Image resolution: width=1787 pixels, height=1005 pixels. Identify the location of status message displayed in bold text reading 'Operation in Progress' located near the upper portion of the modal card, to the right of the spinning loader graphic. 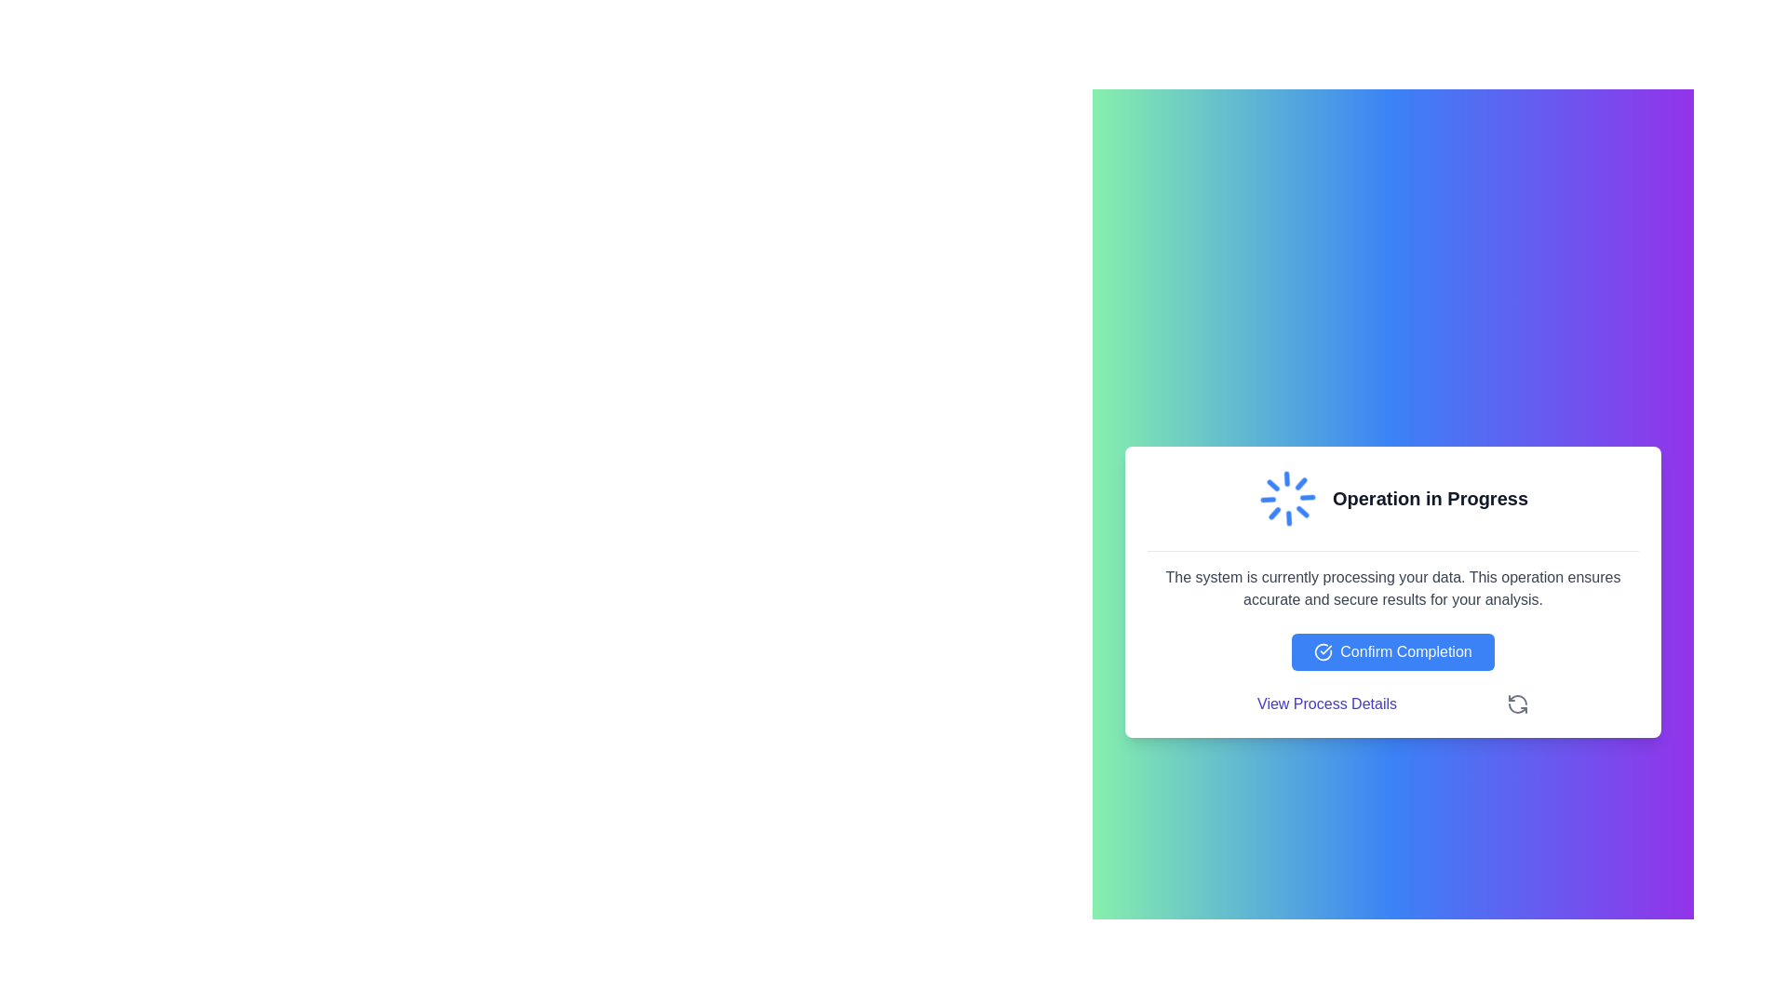
(1429, 497).